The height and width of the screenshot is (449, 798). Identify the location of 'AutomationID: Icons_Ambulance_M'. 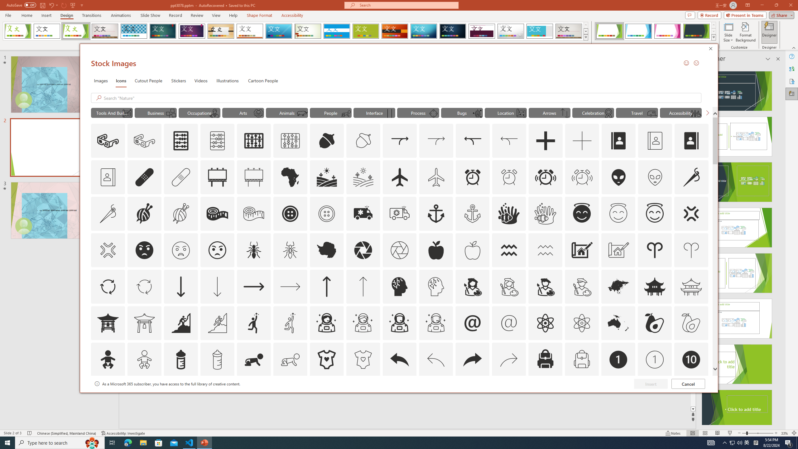
(399, 214).